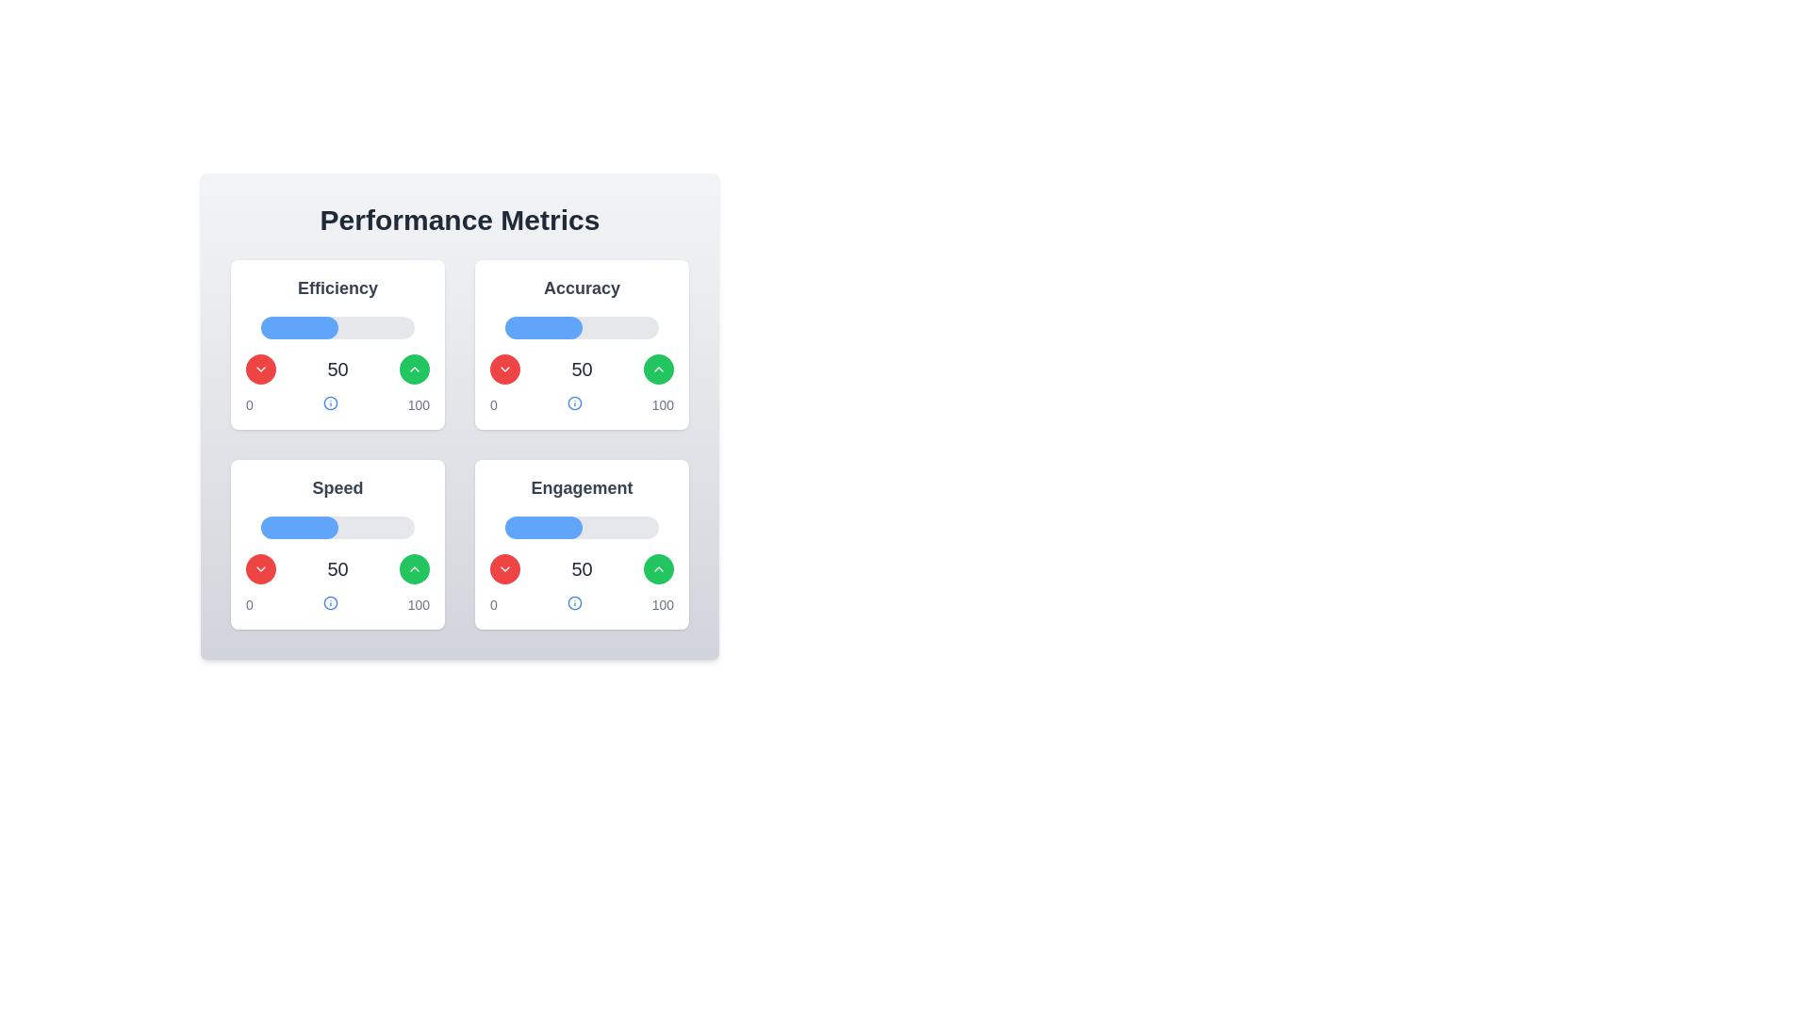  What do you see at coordinates (359, 527) in the screenshot?
I see `the progress bar or slider` at bounding box center [359, 527].